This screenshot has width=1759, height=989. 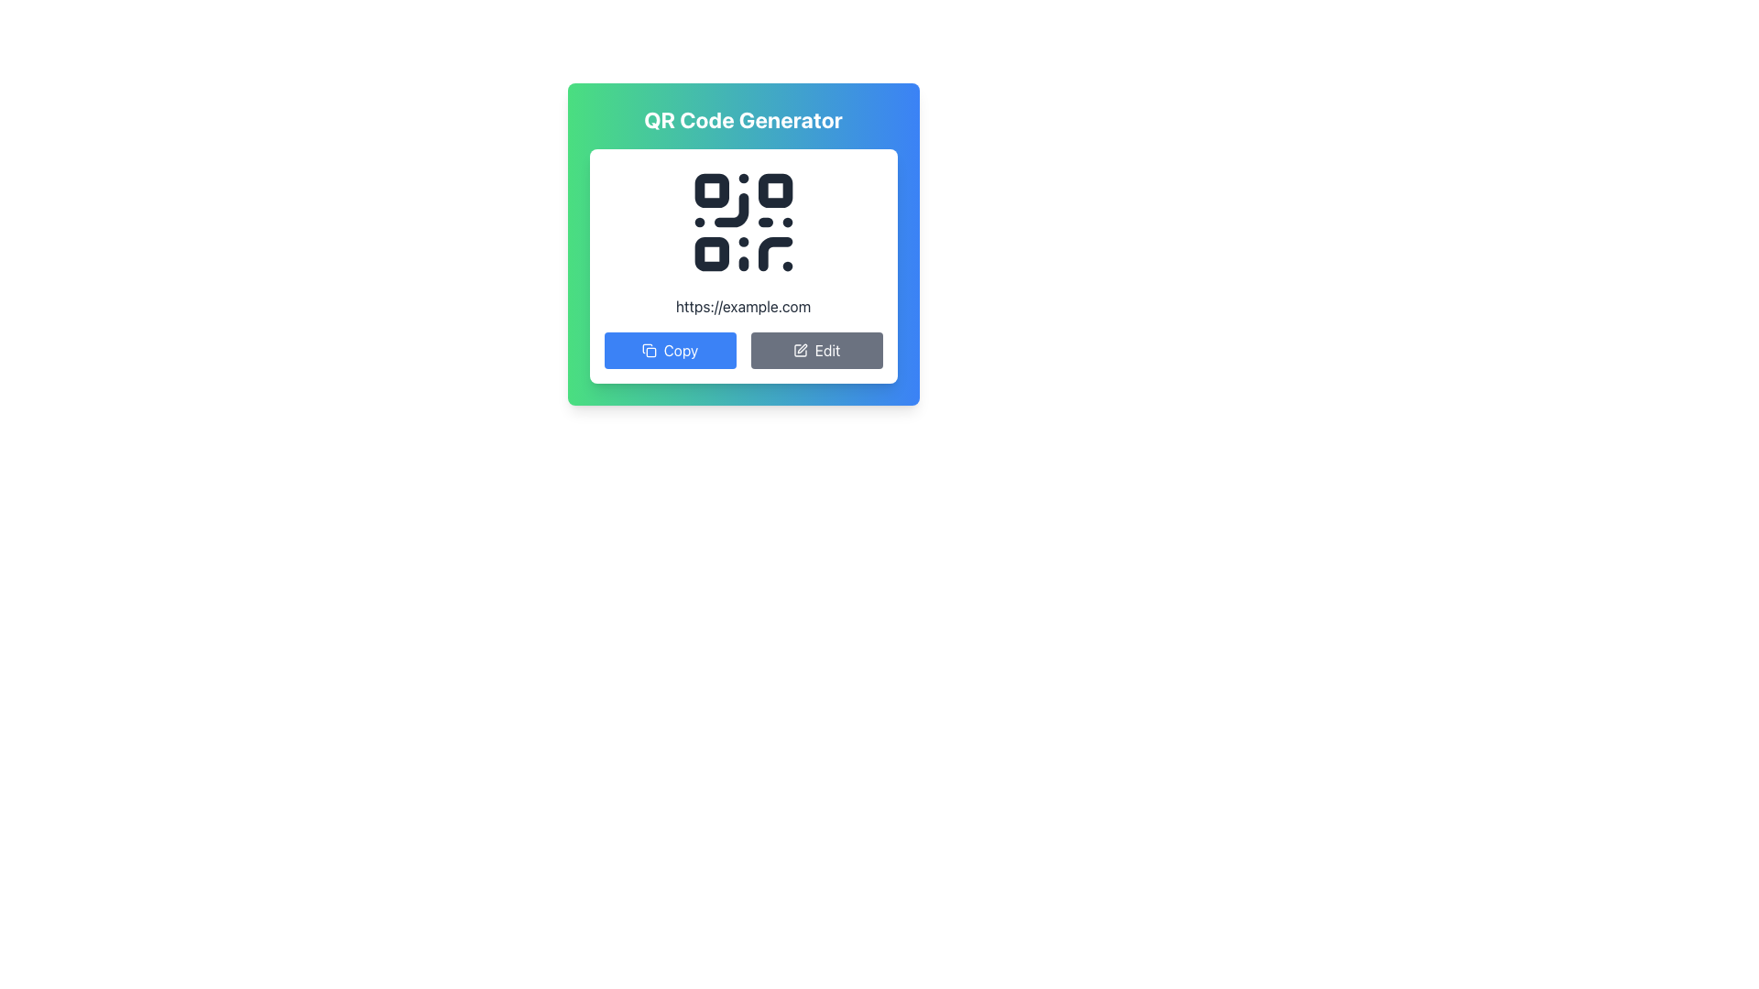 What do you see at coordinates (743, 222) in the screenshot?
I see `the centered QR code image displayed within a white card with rounded corners in the QR Code Generator interface` at bounding box center [743, 222].